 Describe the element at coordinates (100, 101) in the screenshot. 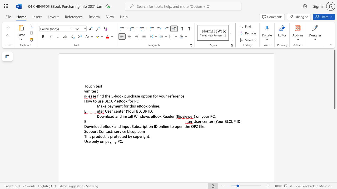

I see `the space between the continuous character "u" and "s" in the text` at that location.